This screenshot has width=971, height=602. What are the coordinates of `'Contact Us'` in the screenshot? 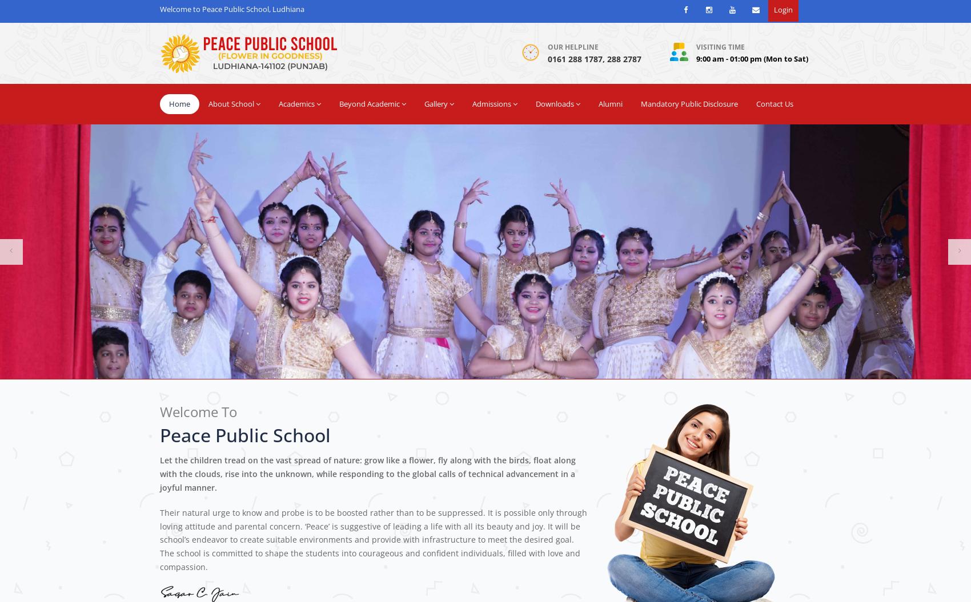 It's located at (775, 103).